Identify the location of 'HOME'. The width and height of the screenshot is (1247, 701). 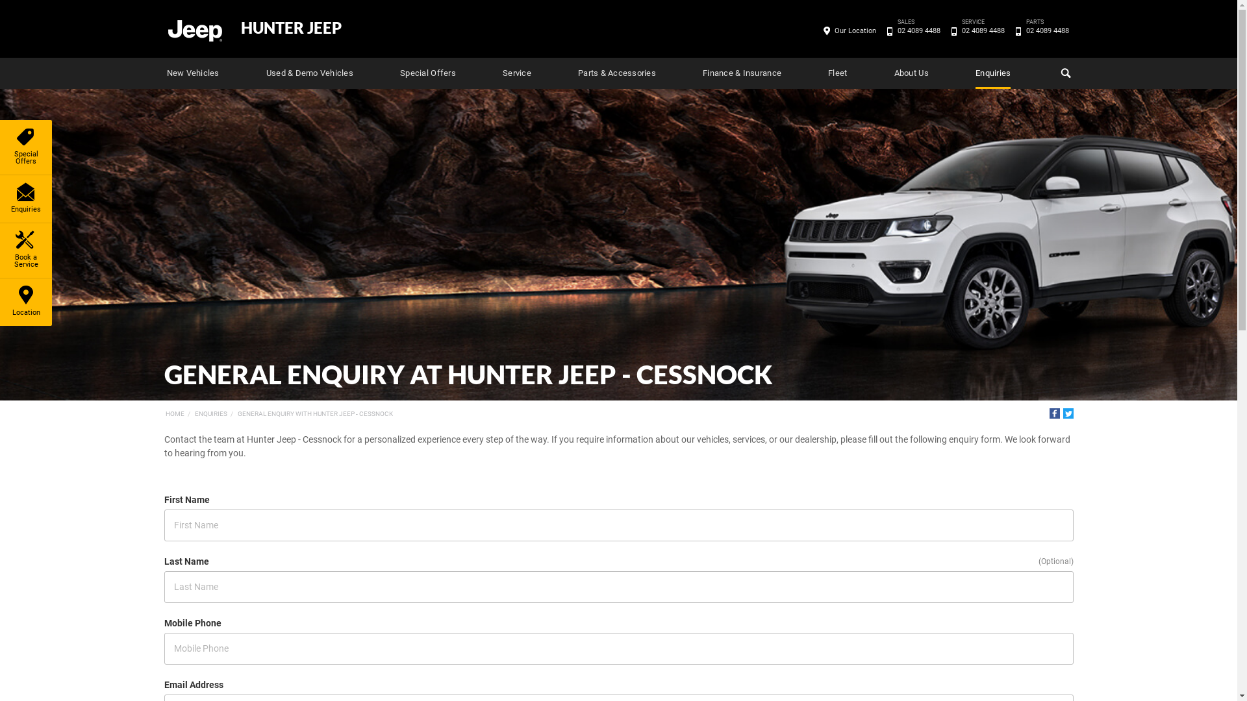
(173, 413).